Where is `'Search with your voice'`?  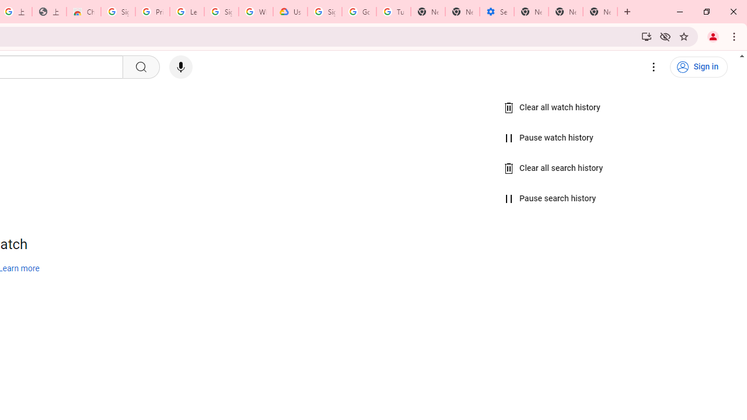
'Search with your voice' is located at coordinates (180, 67).